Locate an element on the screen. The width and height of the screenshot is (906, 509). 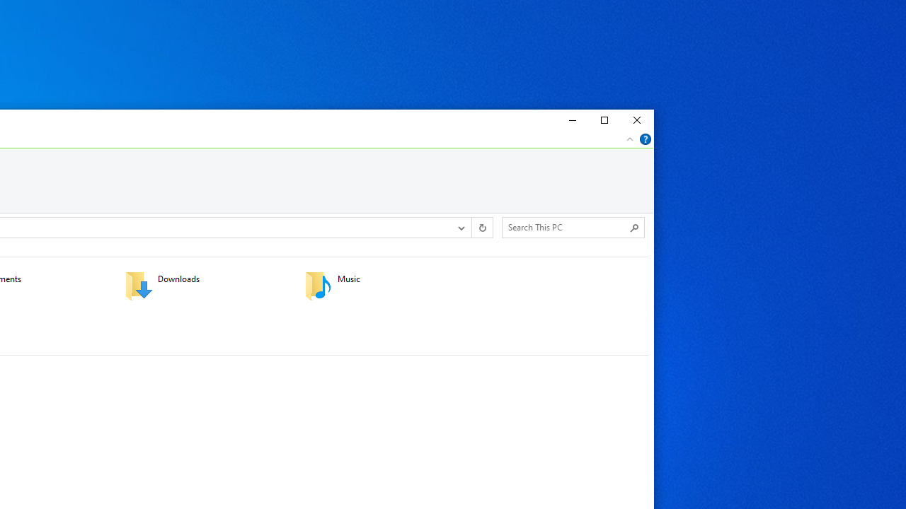
'Downloads' is located at coordinates (205, 285).